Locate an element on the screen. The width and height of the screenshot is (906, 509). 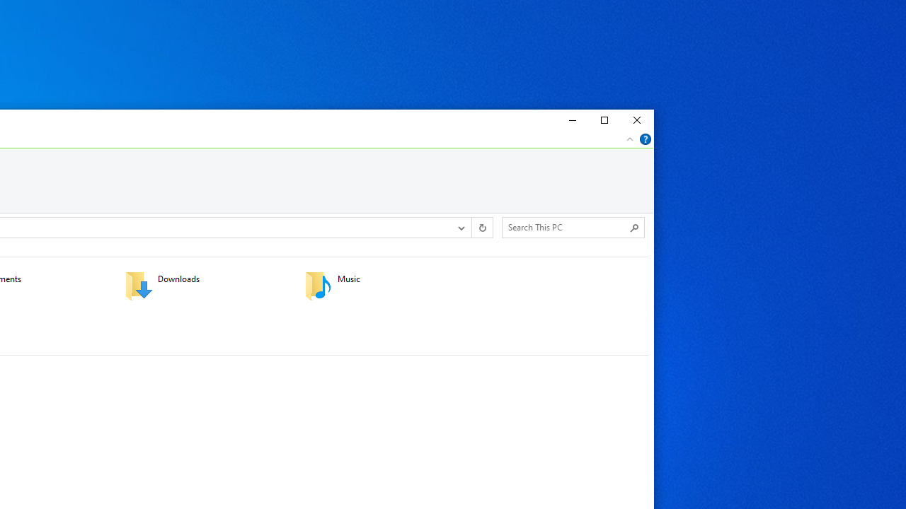
'Downloads' is located at coordinates (205, 285).